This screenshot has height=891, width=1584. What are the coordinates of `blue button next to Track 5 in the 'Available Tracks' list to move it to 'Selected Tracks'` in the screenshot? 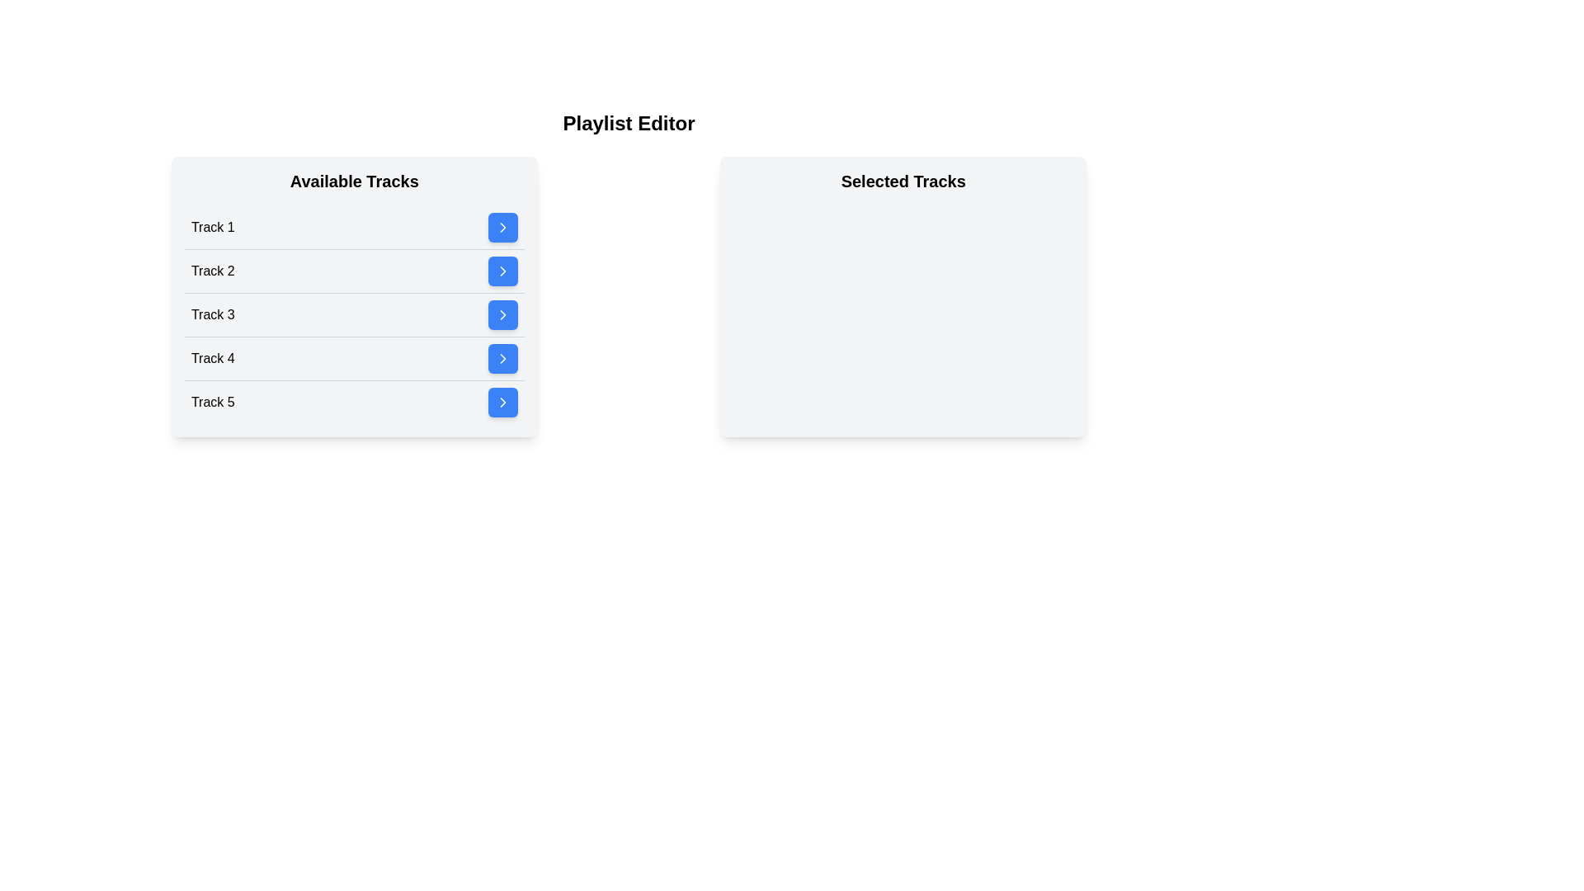 It's located at (502, 403).